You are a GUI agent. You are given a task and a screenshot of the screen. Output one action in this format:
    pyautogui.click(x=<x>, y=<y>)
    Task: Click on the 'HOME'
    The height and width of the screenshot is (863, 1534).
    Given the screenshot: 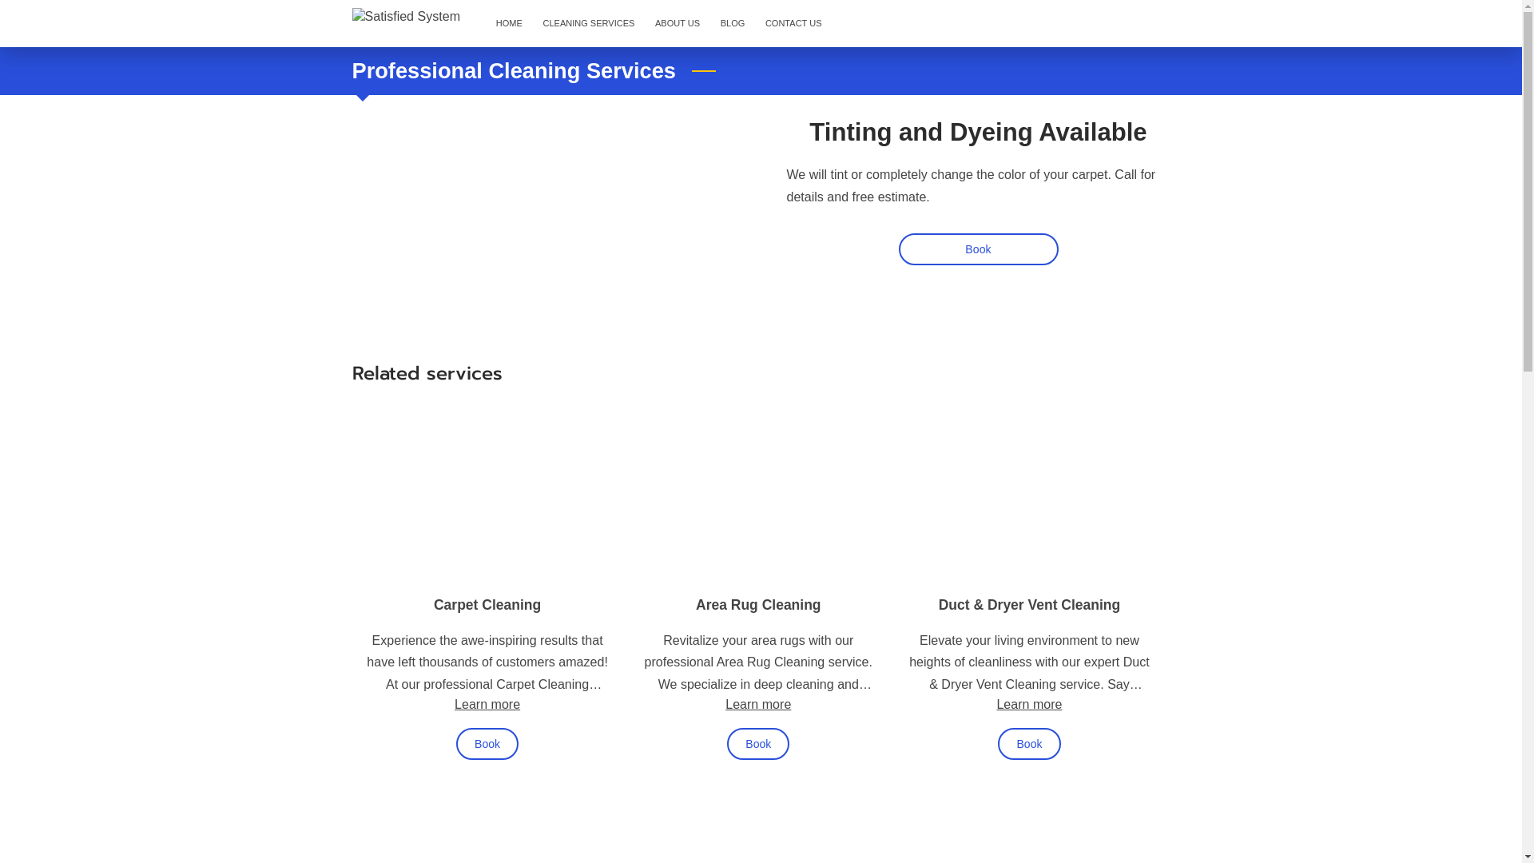 What is the action you would take?
    pyautogui.click(x=508, y=24)
    